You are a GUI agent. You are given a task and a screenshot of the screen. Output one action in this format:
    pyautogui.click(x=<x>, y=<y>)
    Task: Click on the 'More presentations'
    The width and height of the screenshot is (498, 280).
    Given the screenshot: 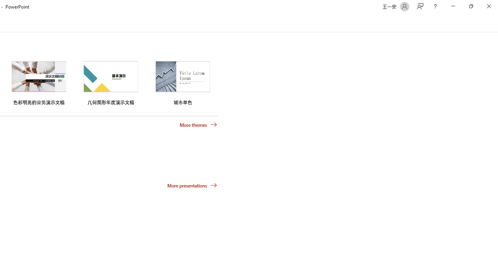 What is the action you would take?
    pyautogui.click(x=192, y=185)
    